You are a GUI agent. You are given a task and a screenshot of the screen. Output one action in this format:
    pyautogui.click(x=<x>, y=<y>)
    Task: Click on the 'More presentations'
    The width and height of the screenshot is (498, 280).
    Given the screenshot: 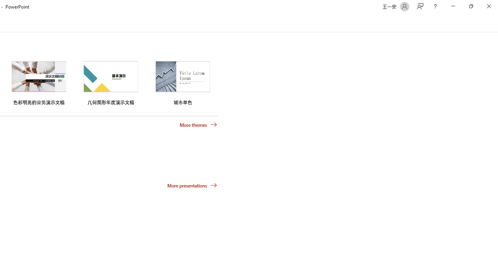 What is the action you would take?
    pyautogui.click(x=192, y=185)
    